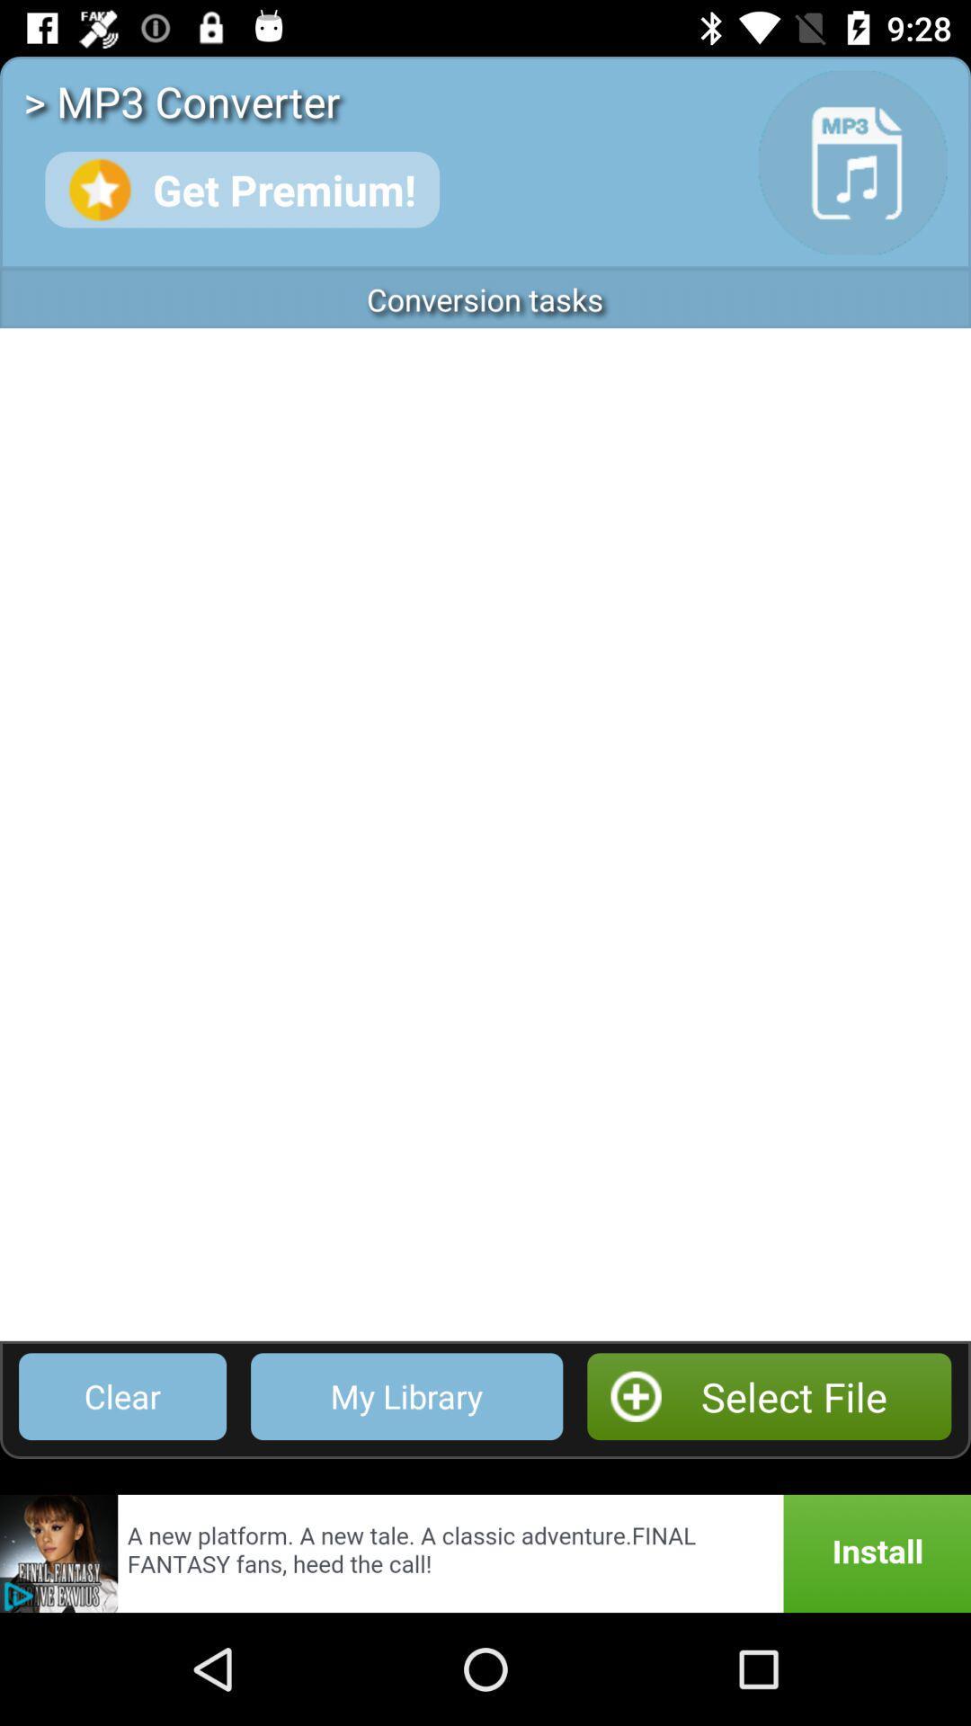 The image size is (971, 1726). What do you see at coordinates (121, 1395) in the screenshot?
I see `the clear` at bounding box center [121, 1395].